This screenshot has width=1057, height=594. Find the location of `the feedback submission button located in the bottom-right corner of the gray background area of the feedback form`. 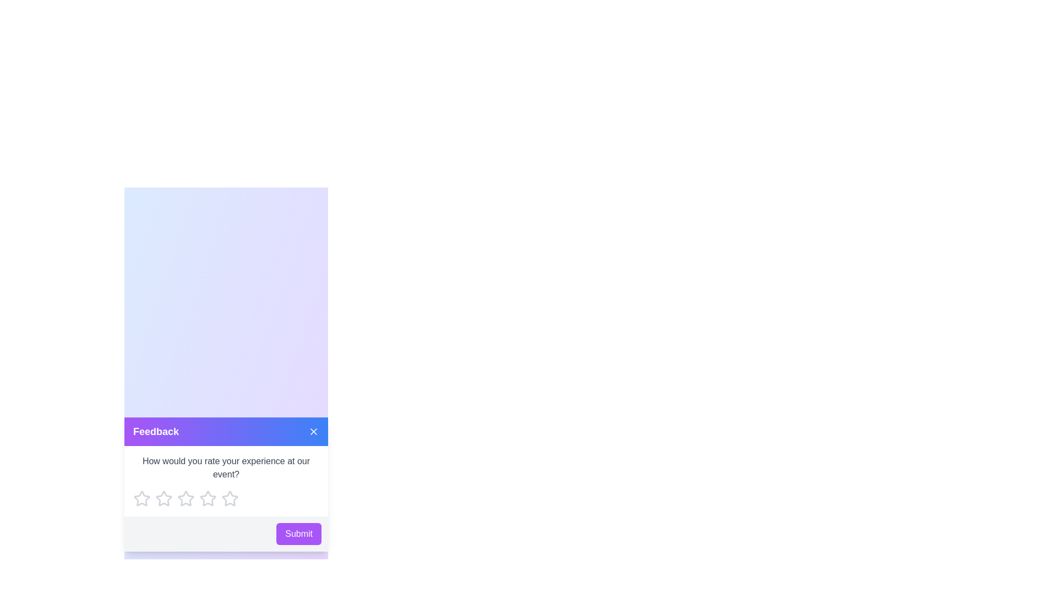

the feedback submission button located in the bottom-right corner of the gray background area of the feedback form is located at coordinates (299, 533).